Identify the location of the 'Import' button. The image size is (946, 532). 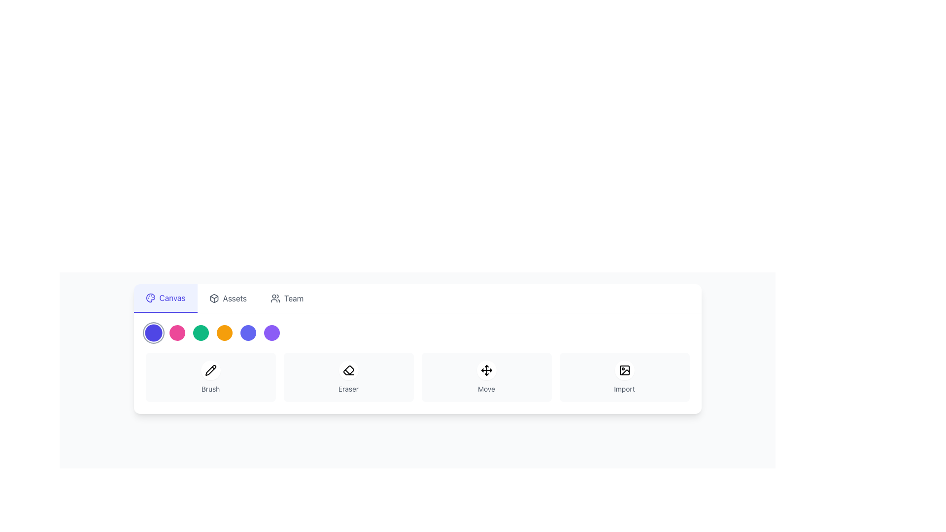
(624, 377).